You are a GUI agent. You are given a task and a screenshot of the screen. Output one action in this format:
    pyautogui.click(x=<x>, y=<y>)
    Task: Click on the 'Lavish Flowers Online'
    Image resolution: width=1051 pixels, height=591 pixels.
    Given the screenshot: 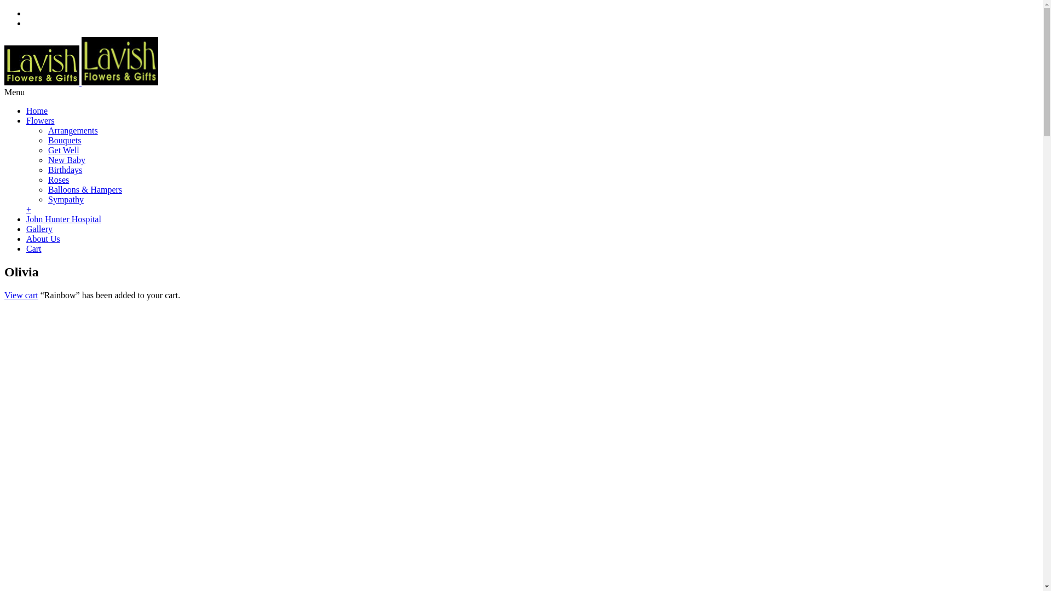 What is the action you would take?
    pyautogui.click(x=42, y=65)
    